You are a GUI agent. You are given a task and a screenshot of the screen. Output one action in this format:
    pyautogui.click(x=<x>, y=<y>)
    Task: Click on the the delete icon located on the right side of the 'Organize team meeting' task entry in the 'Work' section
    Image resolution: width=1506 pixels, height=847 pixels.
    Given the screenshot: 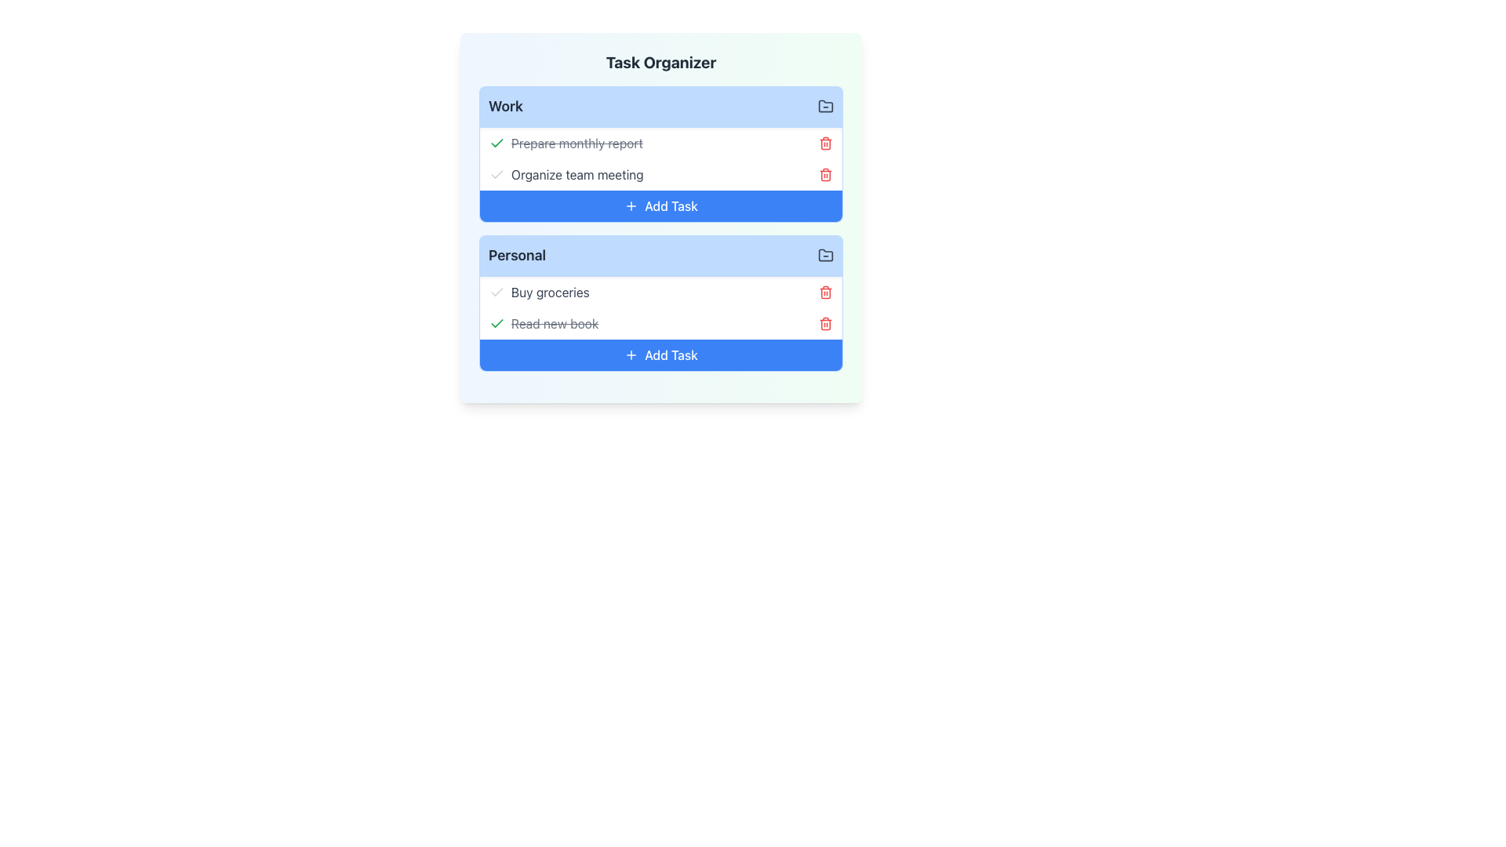 What is the action you would take?
    pyautogui.click(x=824, y=175)
    